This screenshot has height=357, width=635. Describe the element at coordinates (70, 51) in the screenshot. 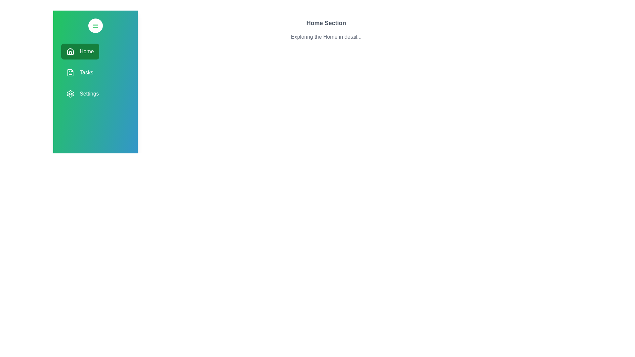

I see `the 'Home' button which contains a house-shaped icon on its left side, styled with a green stroke and placed within a green rectangular background` at that location.